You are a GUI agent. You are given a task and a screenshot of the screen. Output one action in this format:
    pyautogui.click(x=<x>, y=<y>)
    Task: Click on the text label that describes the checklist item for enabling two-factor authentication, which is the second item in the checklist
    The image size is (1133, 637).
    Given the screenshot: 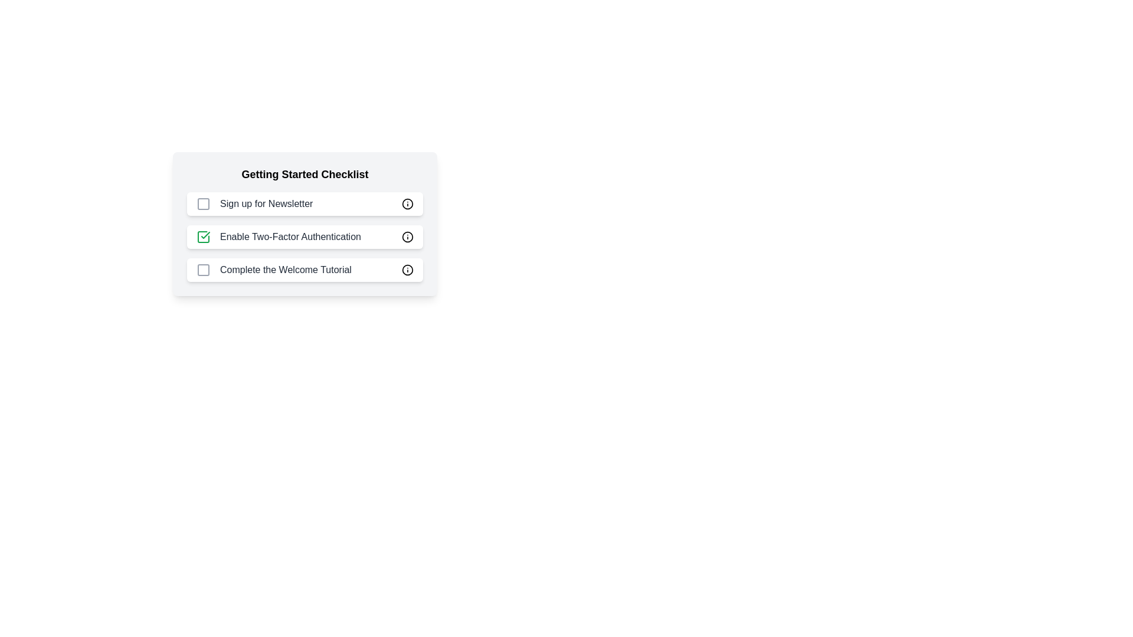 What is the action you would take?
    pyautogui.click(x=290, y=237)
    